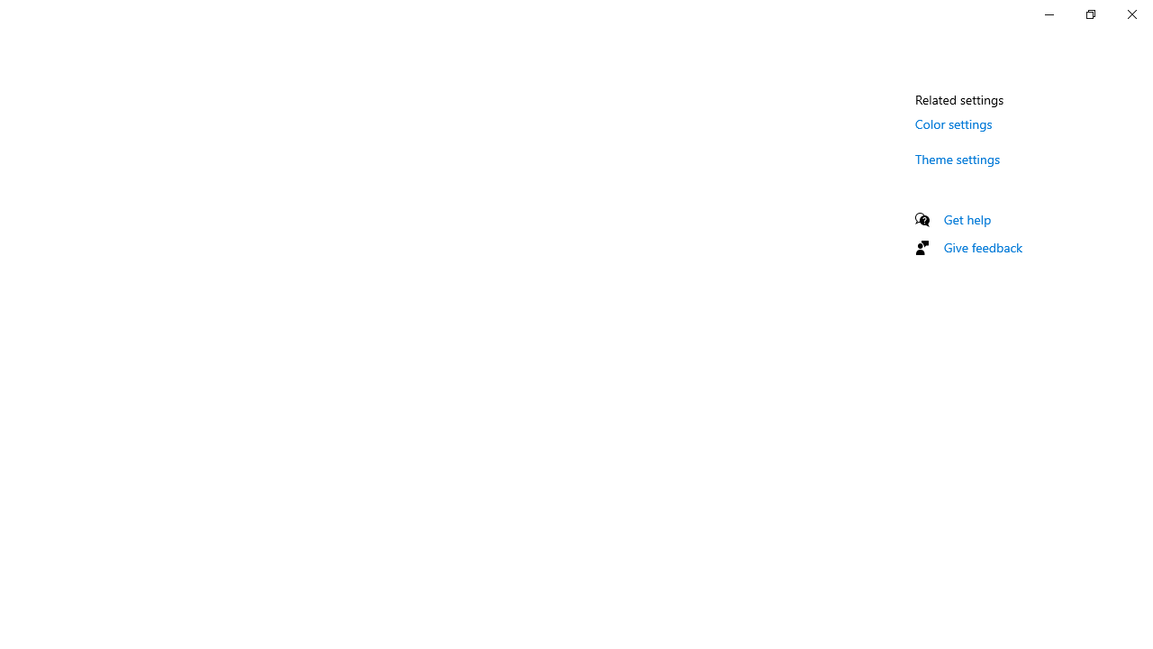  I want to click on 'Restore Settings', so click(1089, 14).